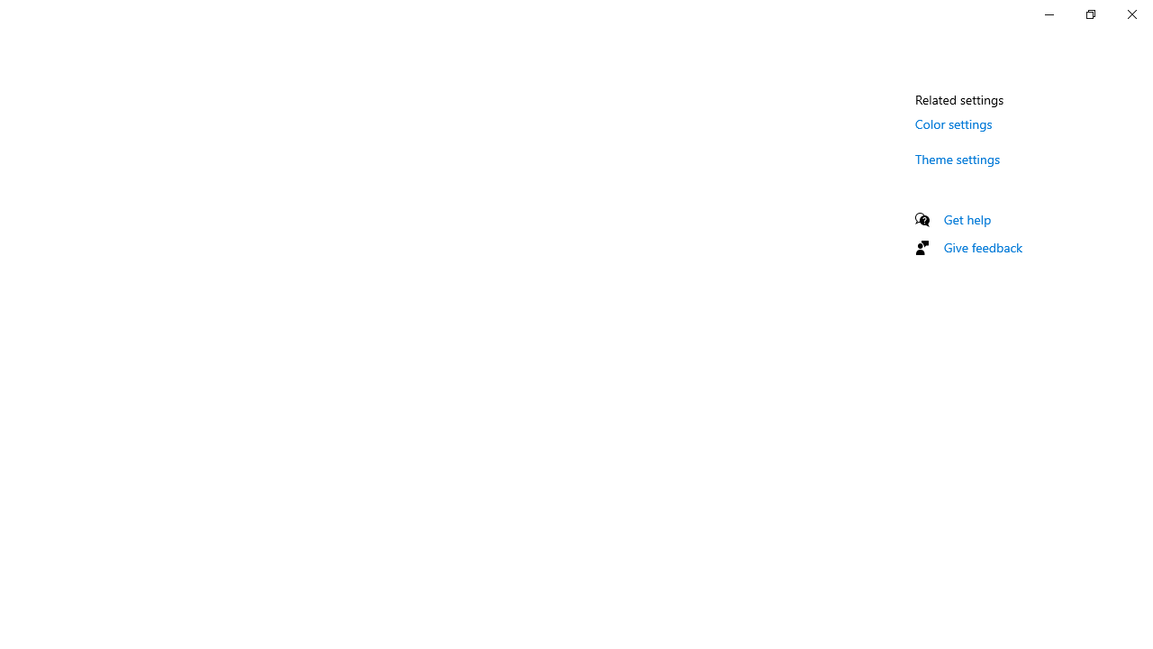  I want to click on 'Restore Settings', so click(1089, 14).